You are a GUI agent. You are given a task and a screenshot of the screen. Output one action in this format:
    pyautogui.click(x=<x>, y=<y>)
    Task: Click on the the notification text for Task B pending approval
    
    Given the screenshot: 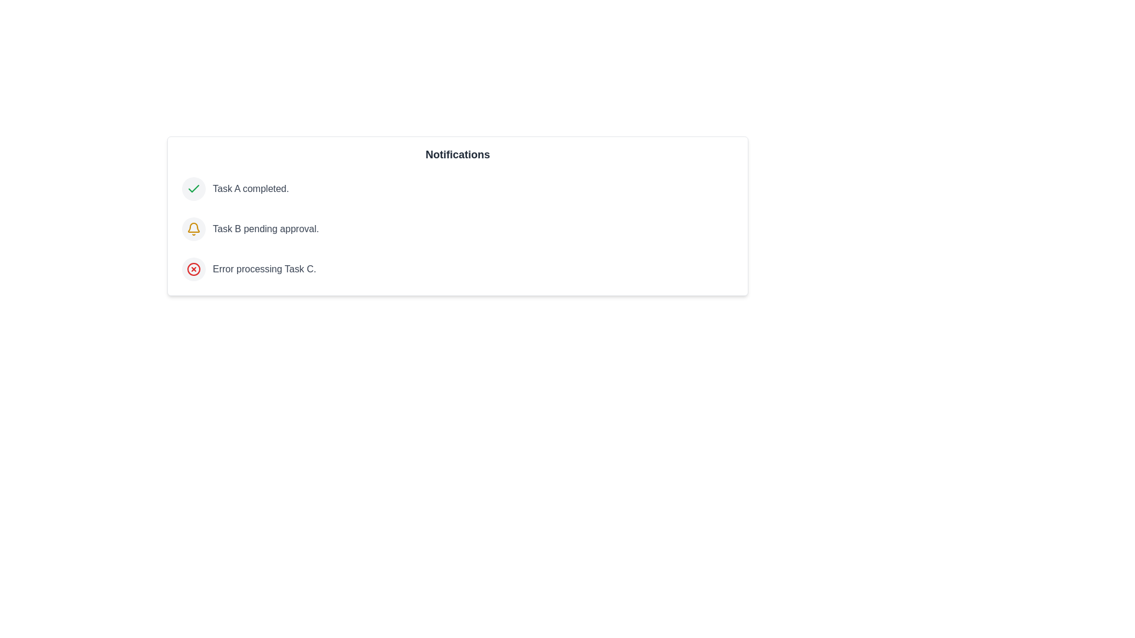 What is the action you would take?
    pyautogui.click(x=265, y=229)
    